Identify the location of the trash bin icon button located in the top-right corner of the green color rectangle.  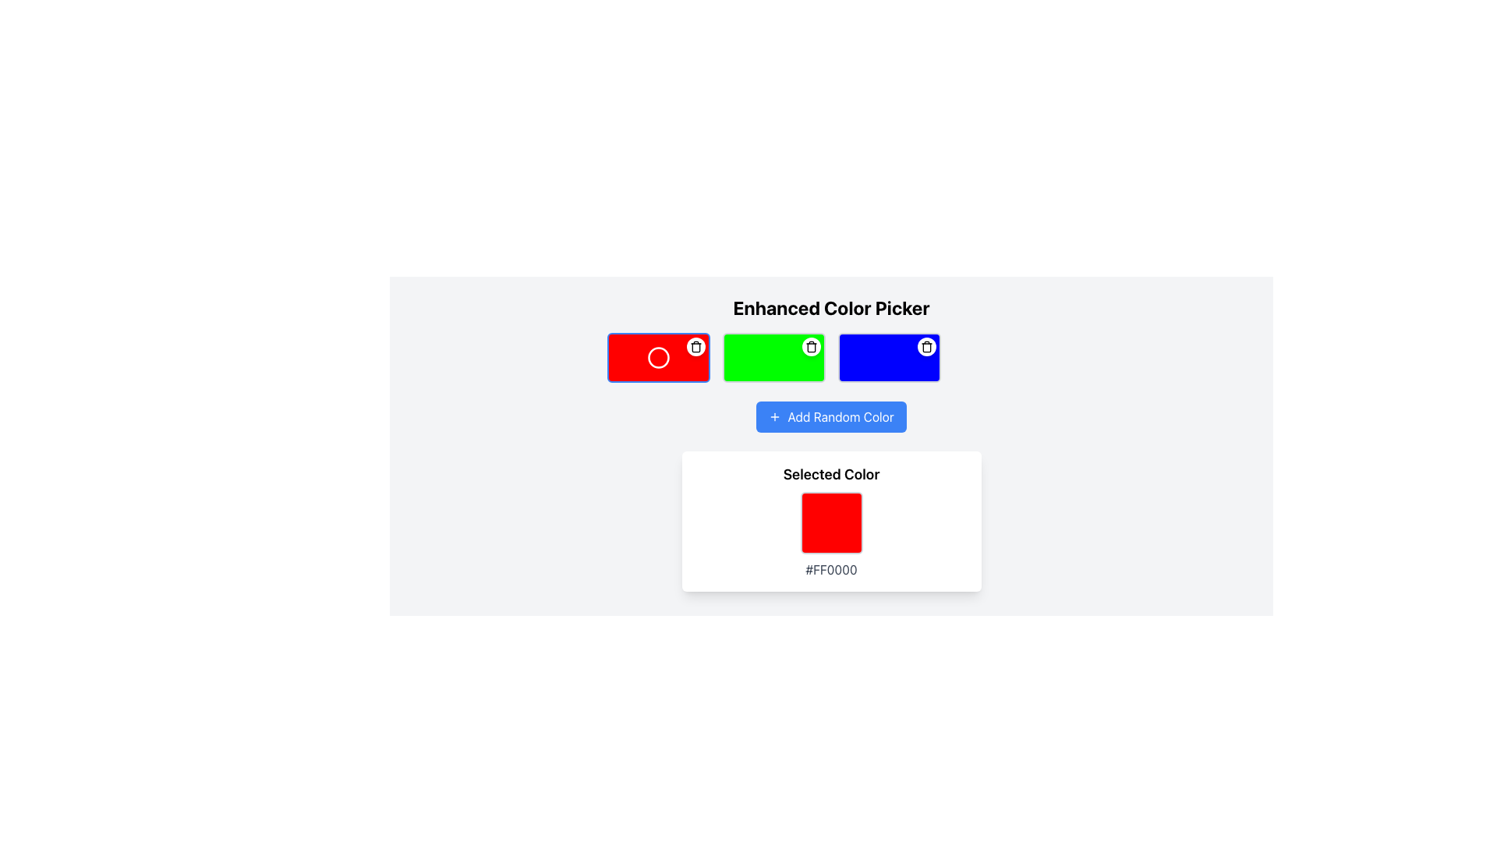
(811, 345).